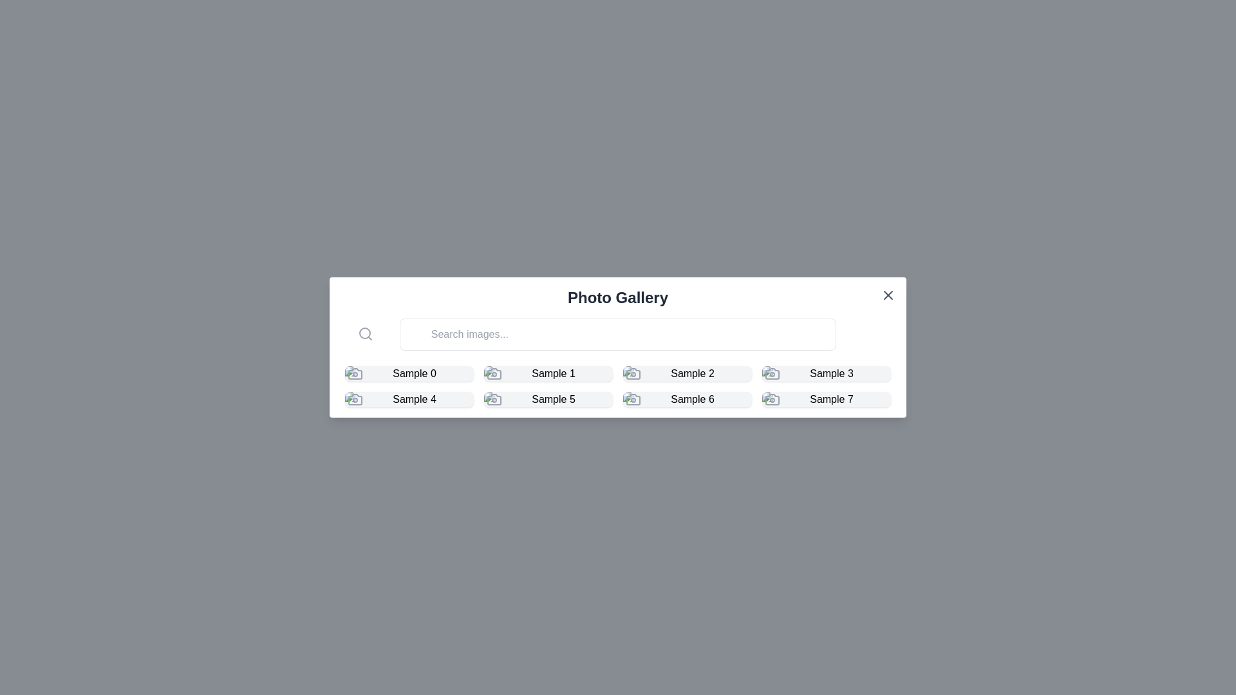  I want to click on the 'X' icon button in the top-right corner of the modal window, so click(888, 295).